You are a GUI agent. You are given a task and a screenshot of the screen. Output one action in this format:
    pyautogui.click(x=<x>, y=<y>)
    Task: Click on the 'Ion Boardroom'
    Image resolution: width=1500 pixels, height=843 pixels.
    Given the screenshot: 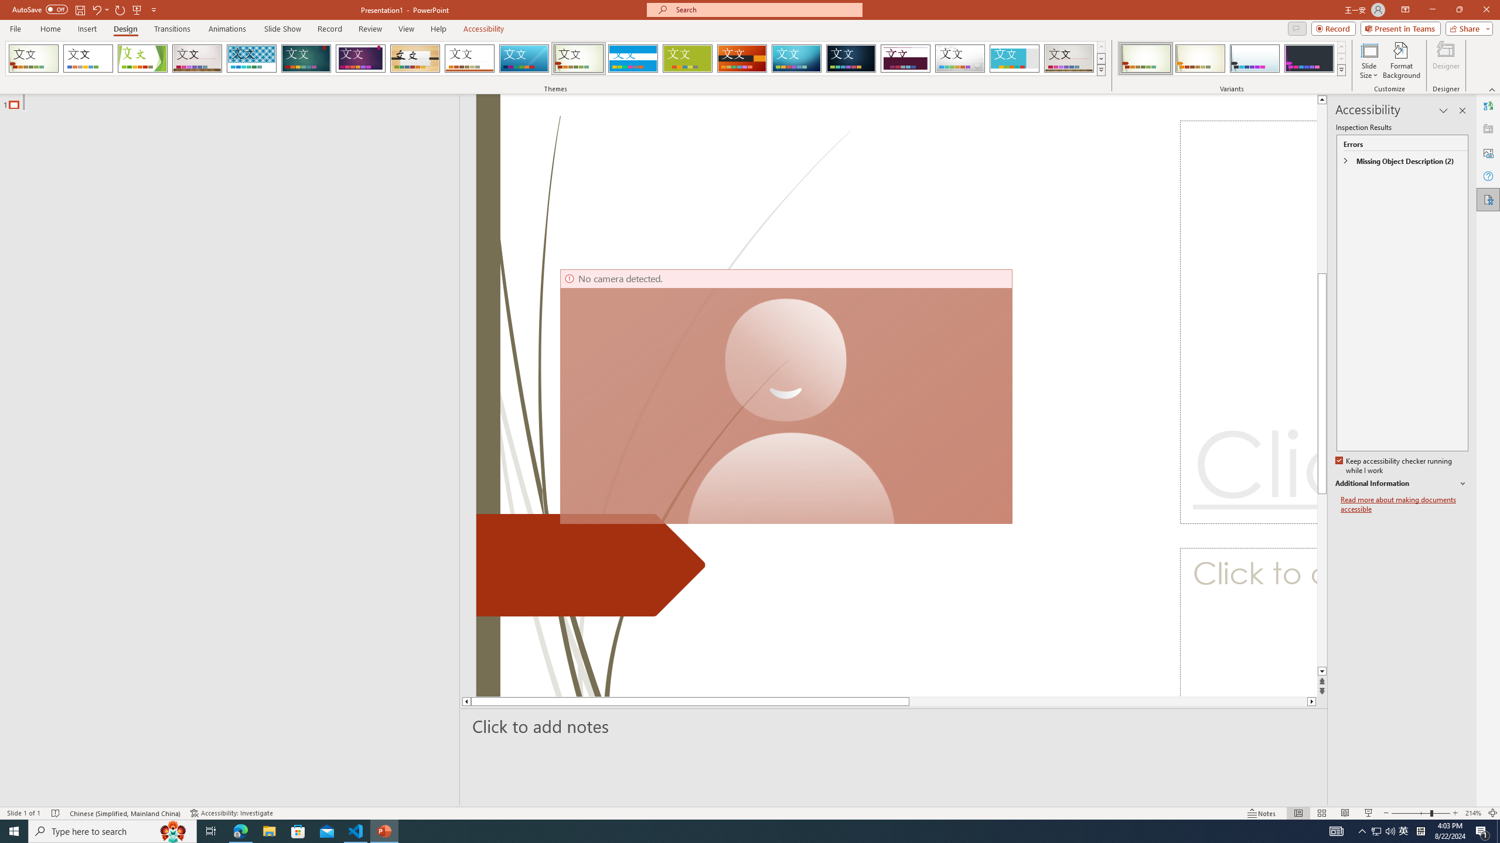 What is the action you would take?
    pyautogui.click(x=360, y=58)
    